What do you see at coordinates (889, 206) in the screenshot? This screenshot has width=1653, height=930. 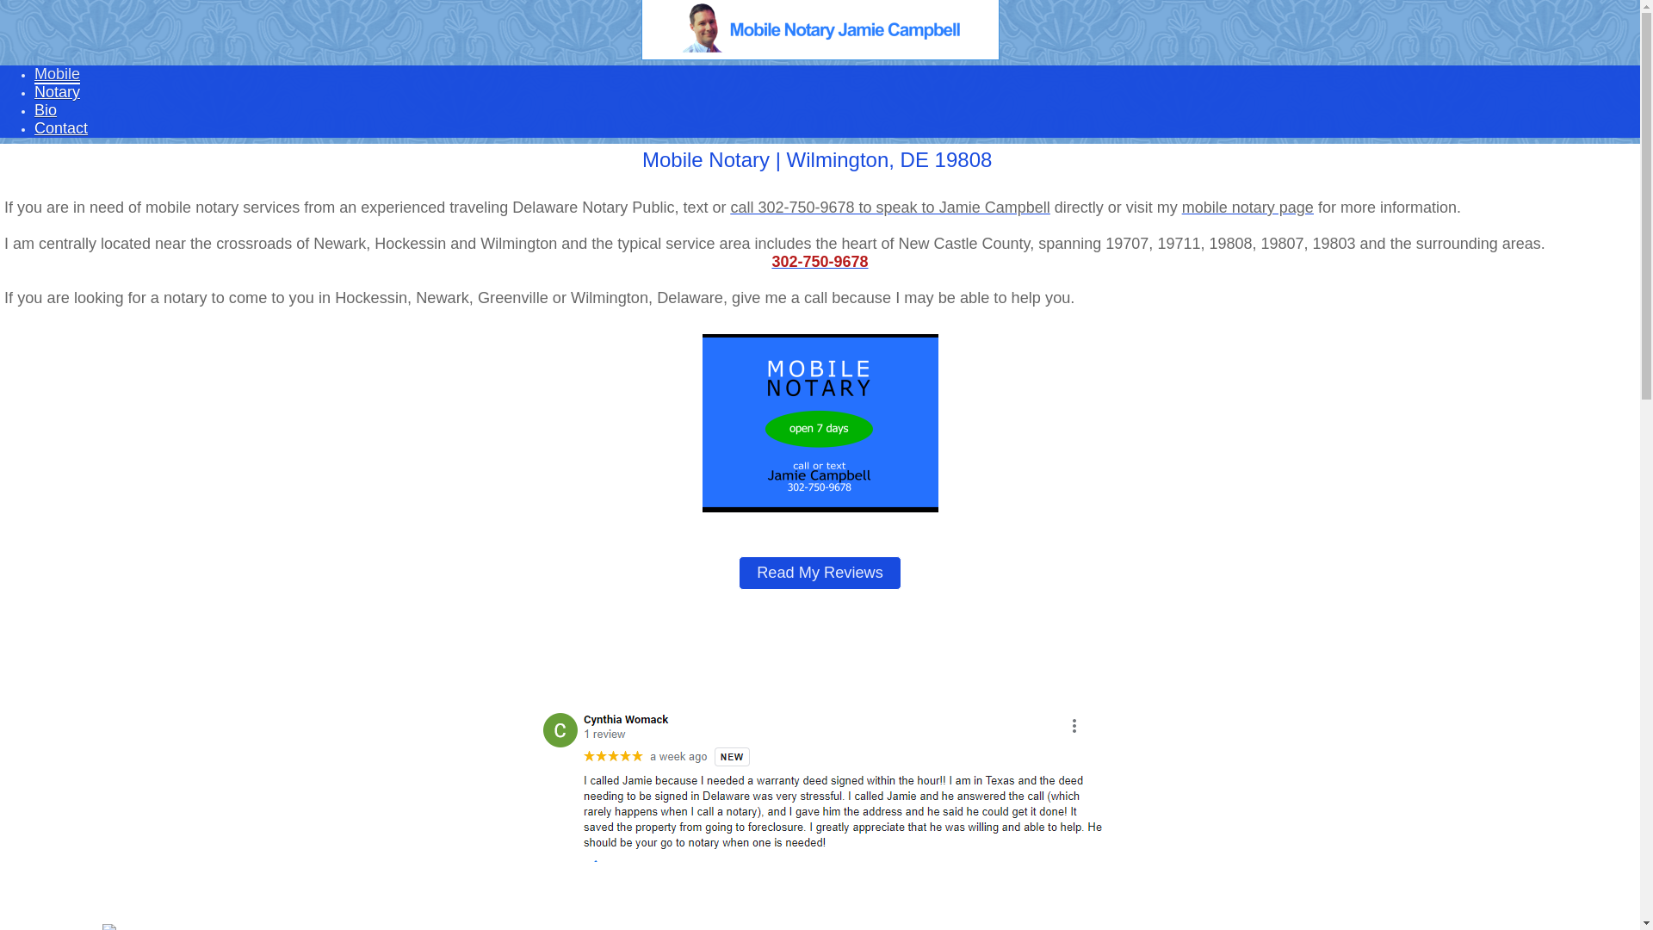 I see `'call 302-750-9678 to speak to Jamie Campbell'` at bounding box center [889, 206].